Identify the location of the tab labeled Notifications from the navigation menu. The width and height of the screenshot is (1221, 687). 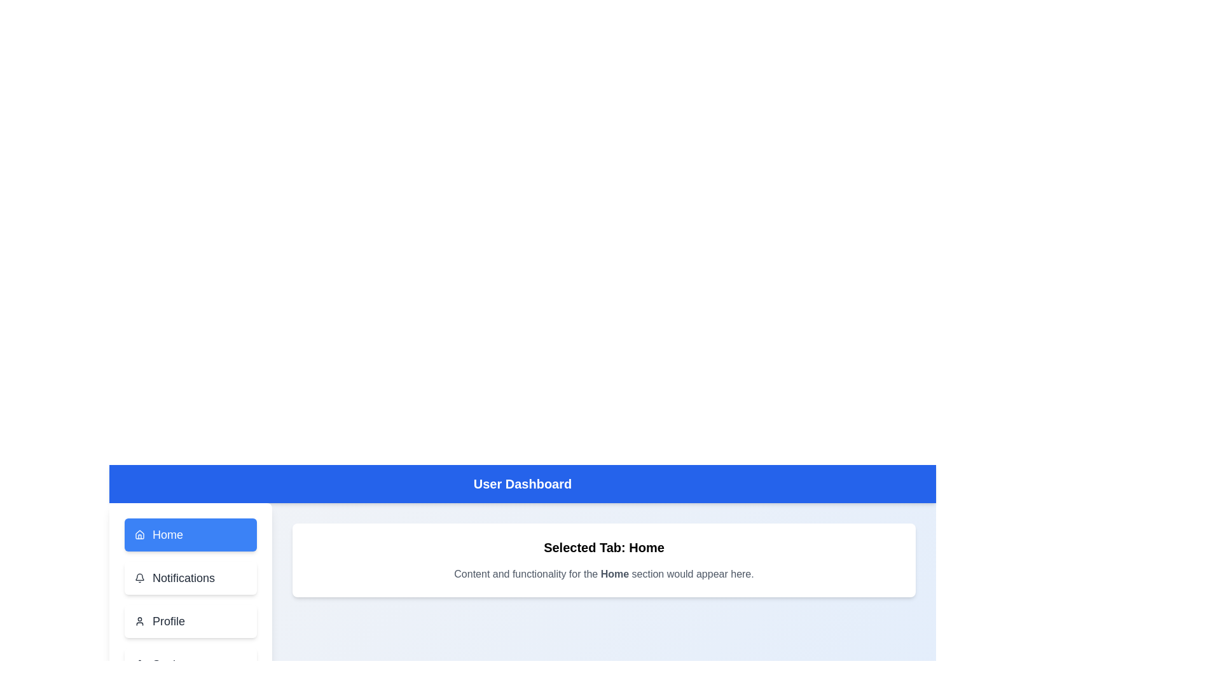
(190, 578).